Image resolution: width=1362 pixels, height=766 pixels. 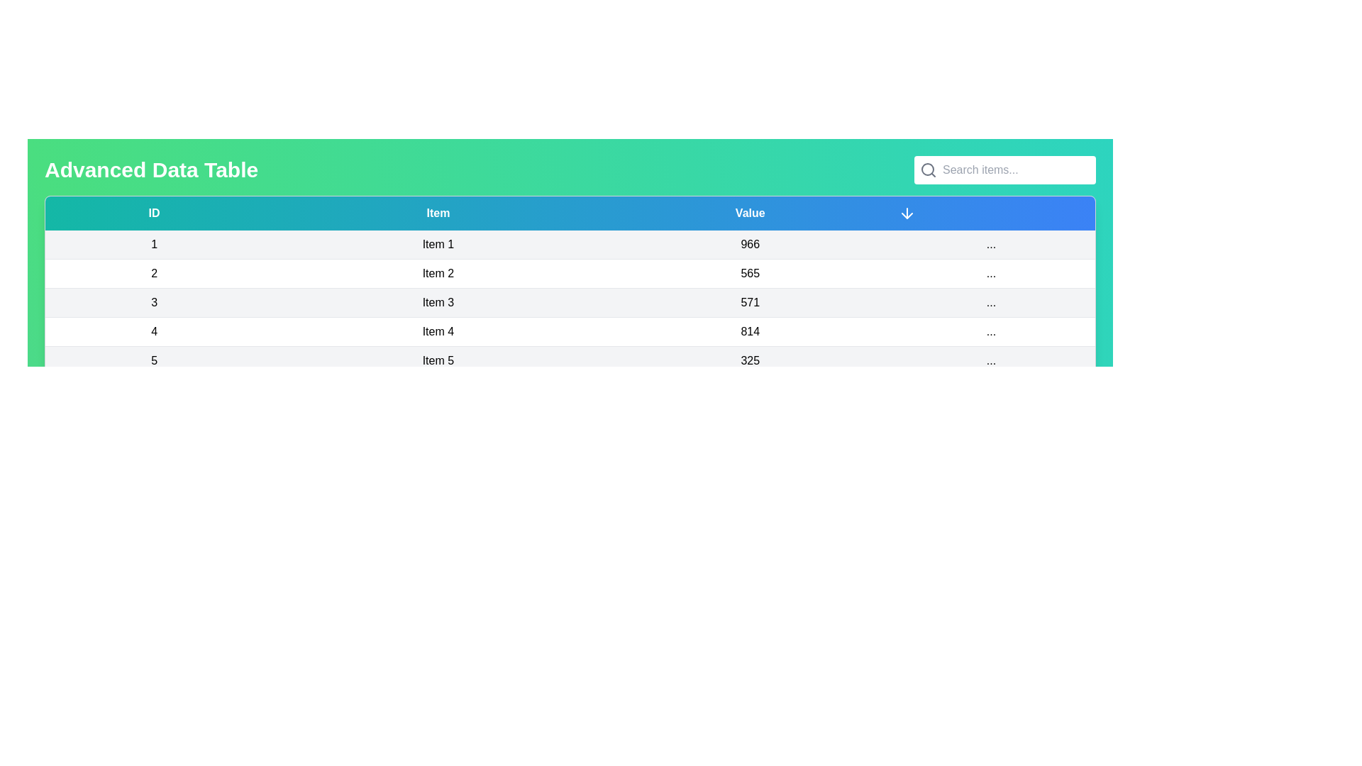 What do you see at coordinates (437, 213) in the screenshot?
I see `the column header Item to sort the table by that column` at bounding box center [437, 213].